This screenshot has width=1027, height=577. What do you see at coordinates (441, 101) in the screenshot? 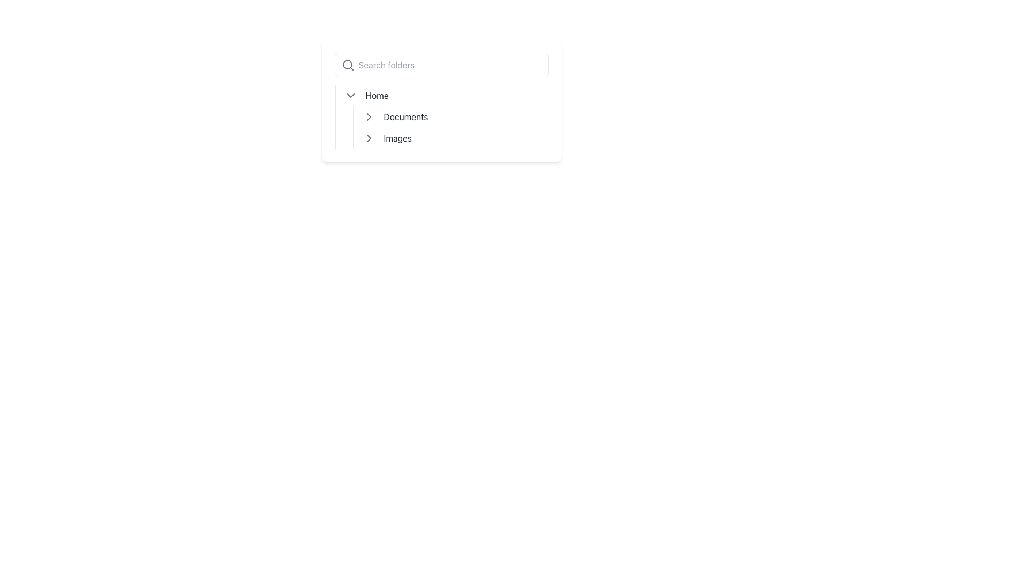
I see `the 'Documents' element in the navigational interface` at bounding box center [441, 101].